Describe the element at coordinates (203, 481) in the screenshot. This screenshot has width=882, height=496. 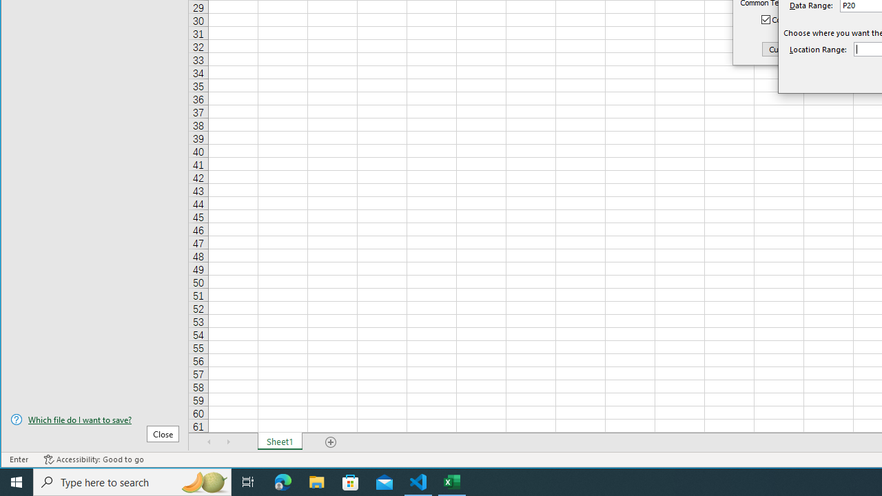
I see `'Search highlights icon opens search home window'` at that location.